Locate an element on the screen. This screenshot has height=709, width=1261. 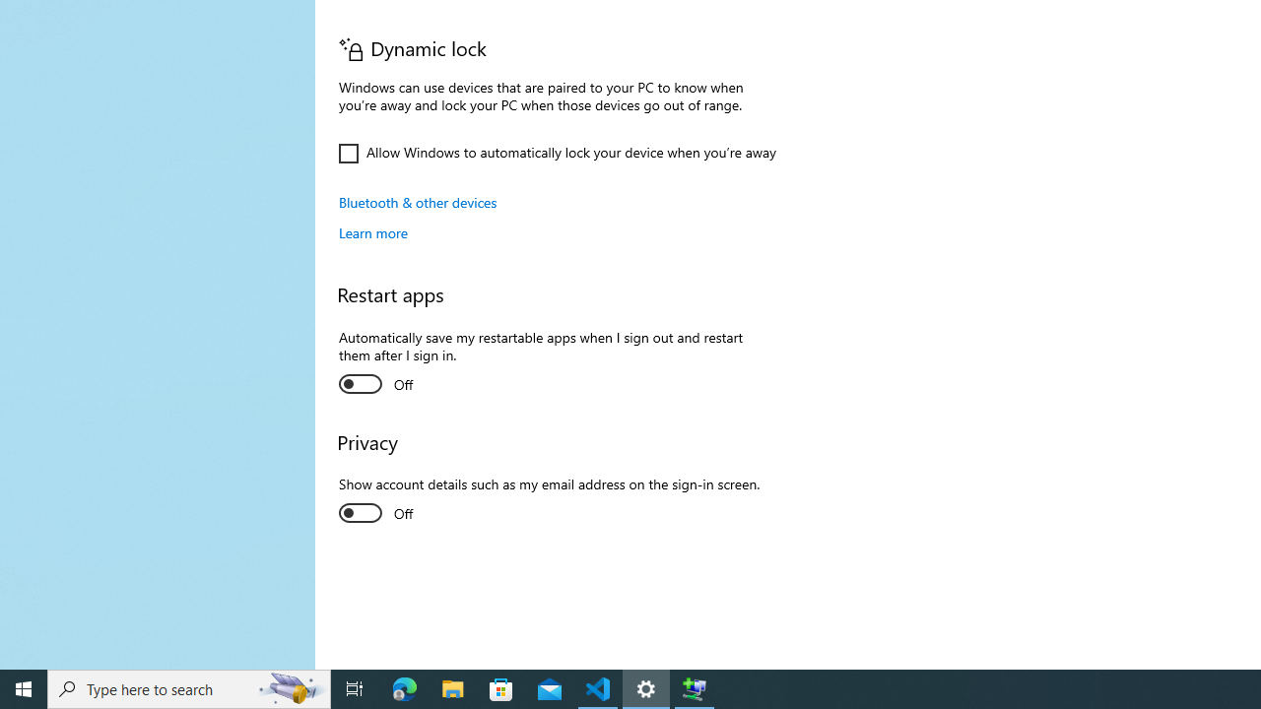
'Settings - 1 running window' is located at coordinates (646, 687).